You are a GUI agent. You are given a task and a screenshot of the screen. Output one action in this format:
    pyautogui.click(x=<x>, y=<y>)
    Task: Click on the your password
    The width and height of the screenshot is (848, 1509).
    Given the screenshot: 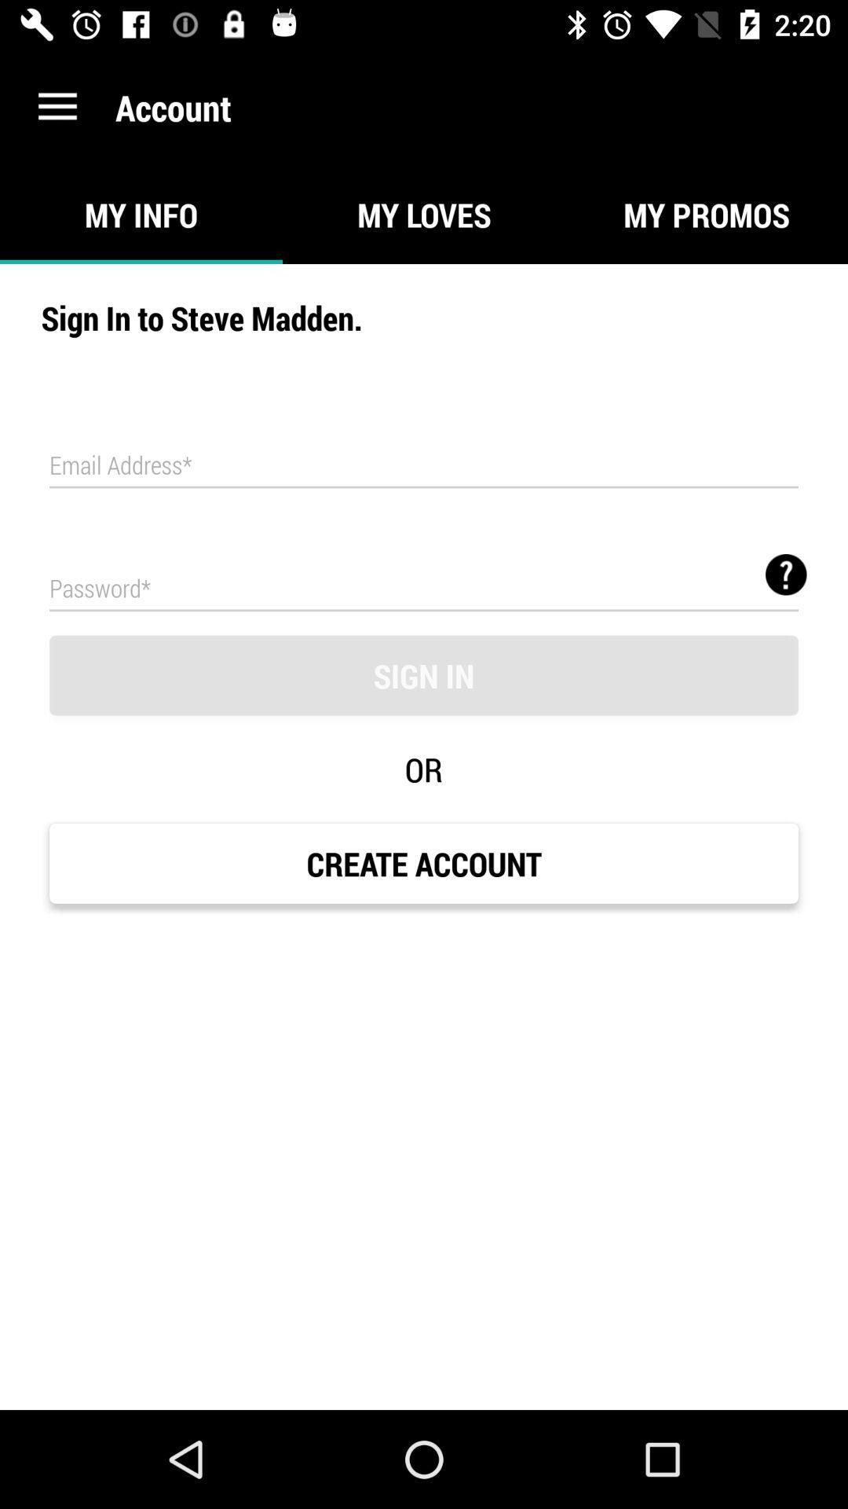 What is the action you would take?
    pyautogui.click(x=424, y=586)
    